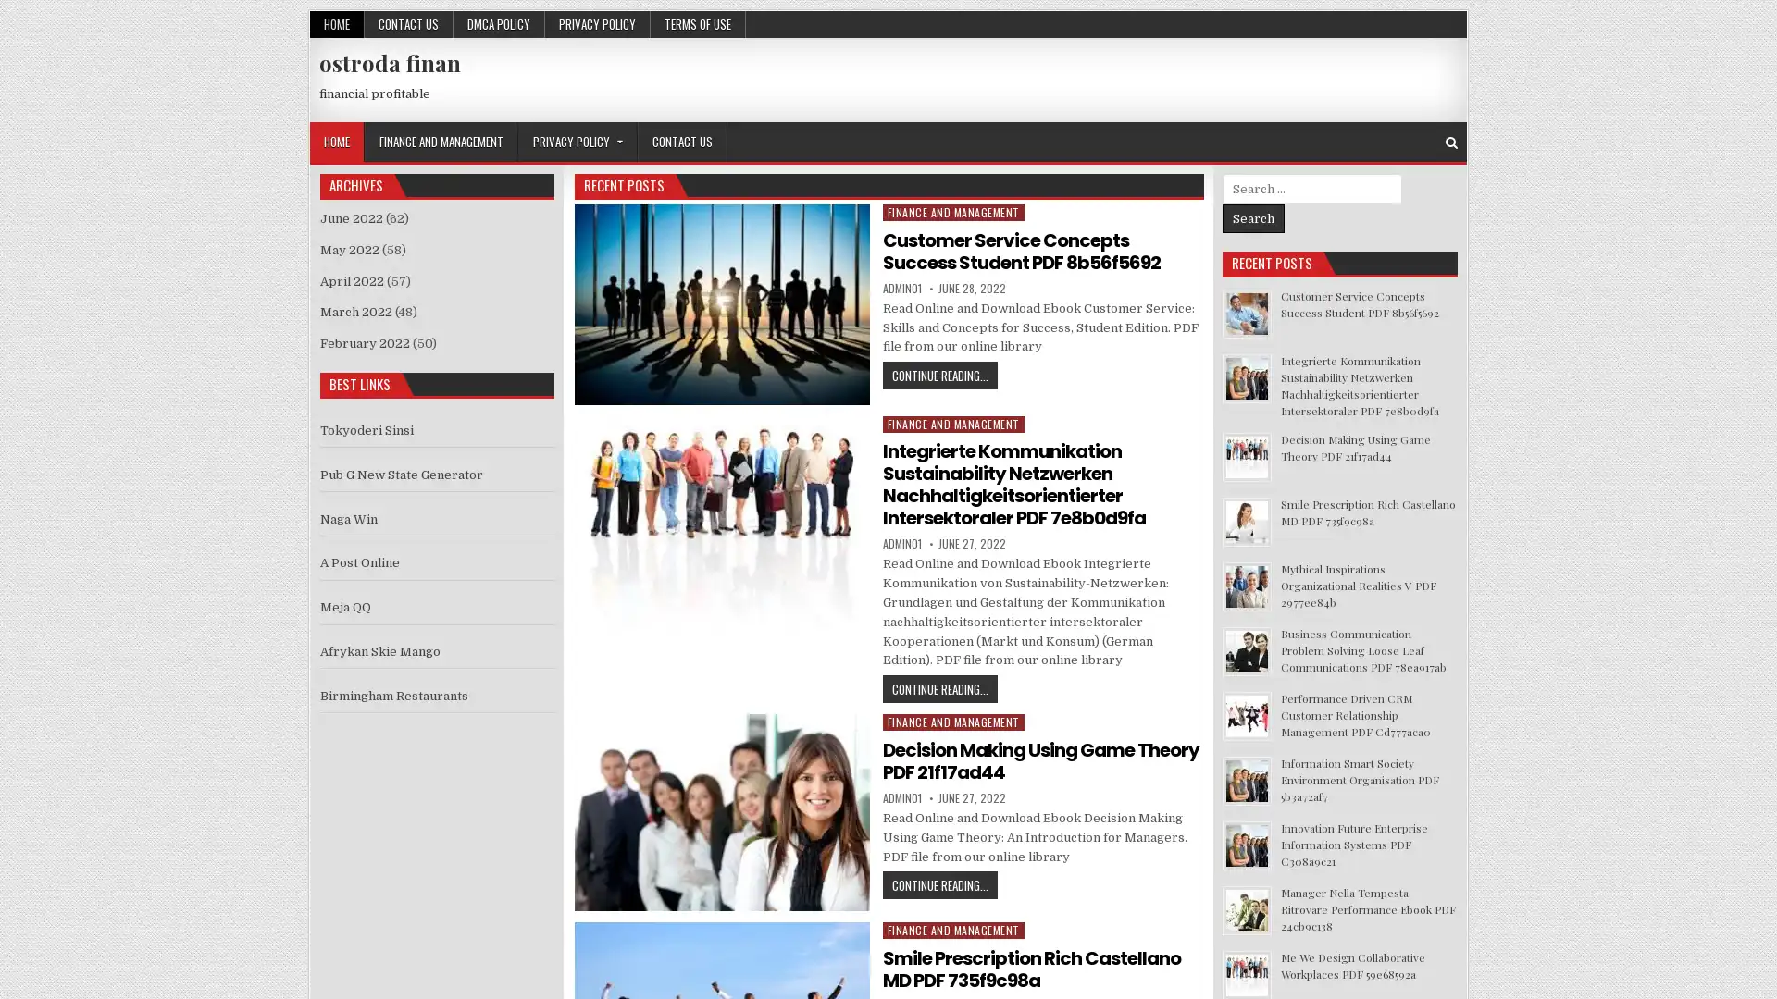 The width and height of the screenshot is (1777, 999). Describe the element at coordinates (1253, 217) in the screenshot. I see `Search` at that location.